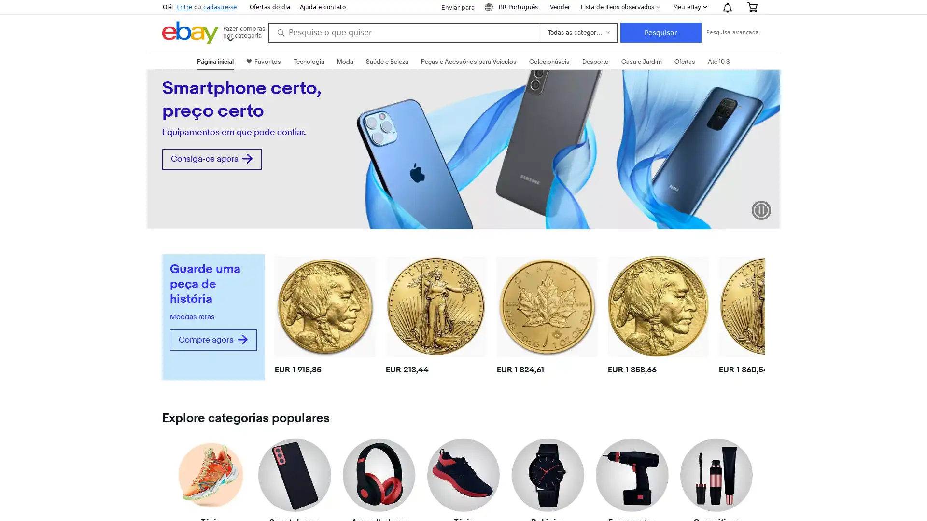  Describe the element at coordinates (761, 209) in the screenshot. I see `Pausar o carrossel de banners` at that location.